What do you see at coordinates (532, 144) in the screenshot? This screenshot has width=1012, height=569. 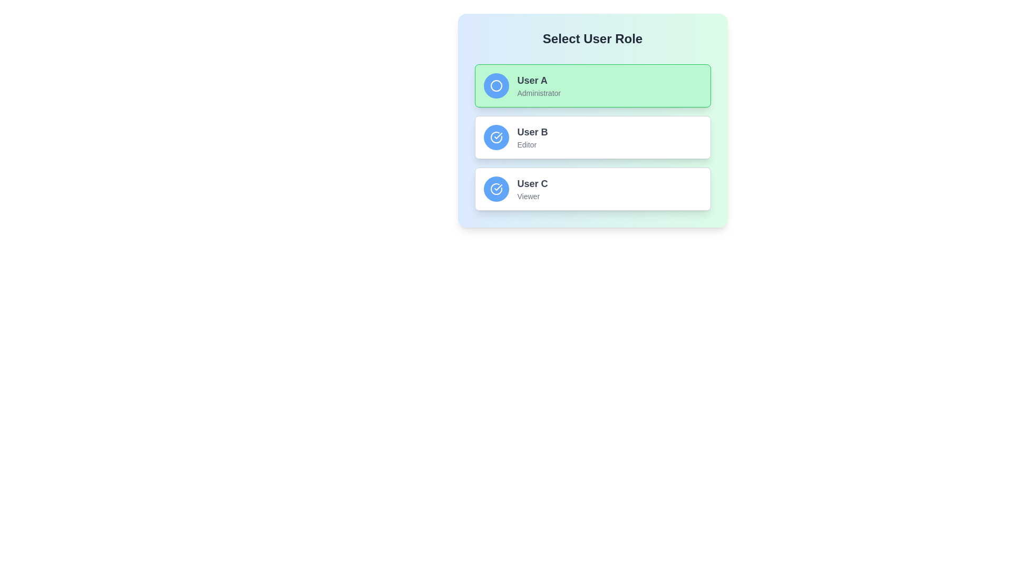 I see `the 'Editor' text label, which is a small, gray font located directly below 'User B' within the user selection card` at bounding box center [532, 144].